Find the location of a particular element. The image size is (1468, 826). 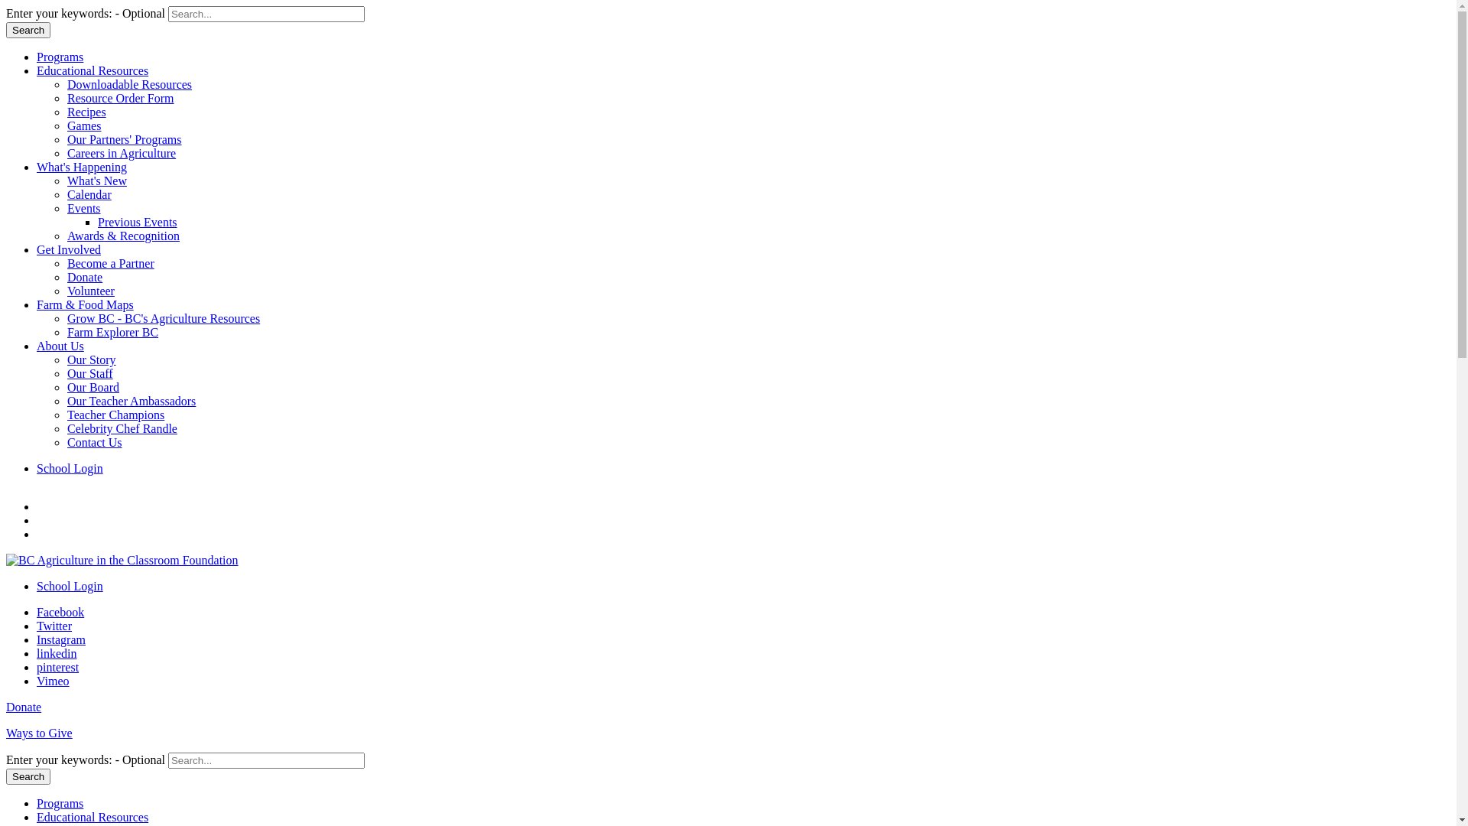

'Instagram' is located at coordinates (61, 639).